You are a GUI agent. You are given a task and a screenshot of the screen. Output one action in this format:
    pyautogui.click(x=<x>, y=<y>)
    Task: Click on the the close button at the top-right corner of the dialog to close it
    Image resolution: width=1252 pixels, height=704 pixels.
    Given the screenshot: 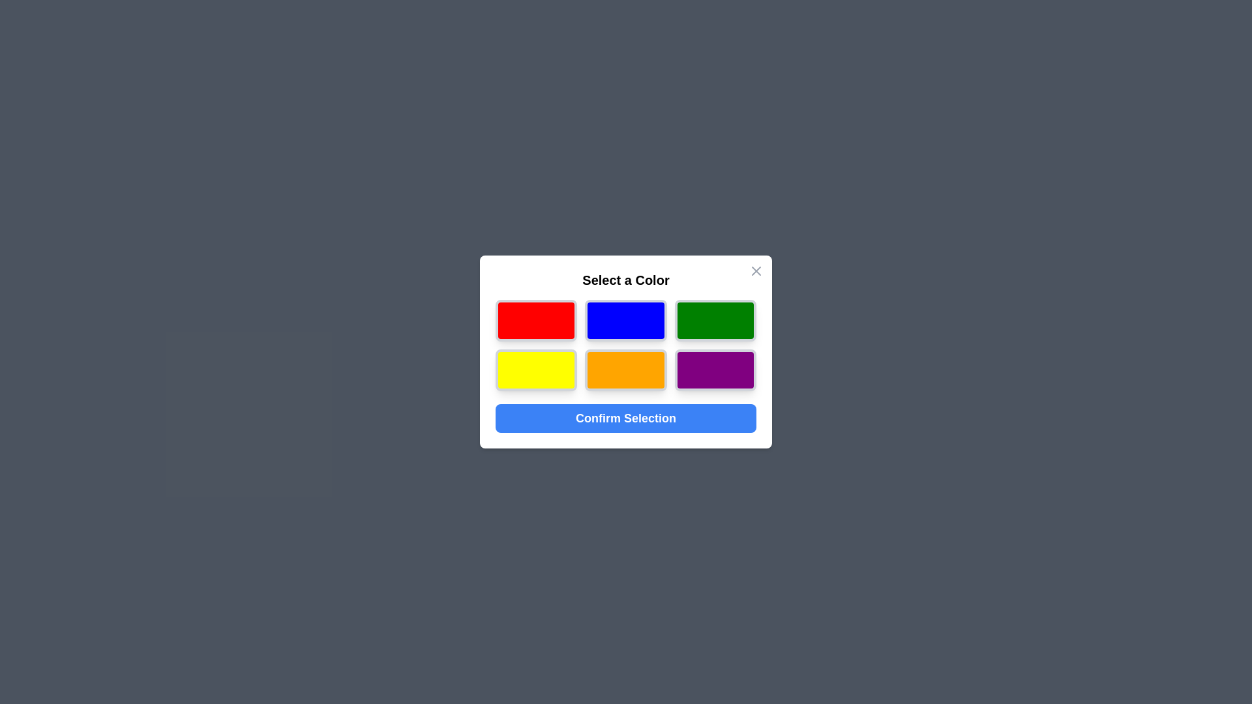 What is the action you would take?
    pyautogui.click(x=756, y=271)
    